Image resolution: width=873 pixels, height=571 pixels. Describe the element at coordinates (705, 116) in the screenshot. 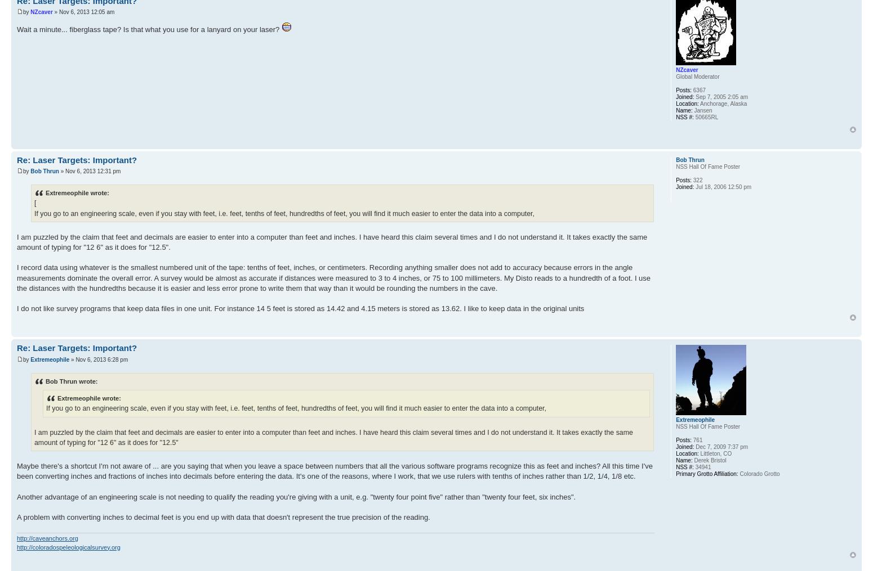

I see `'50665RL'` at that location.